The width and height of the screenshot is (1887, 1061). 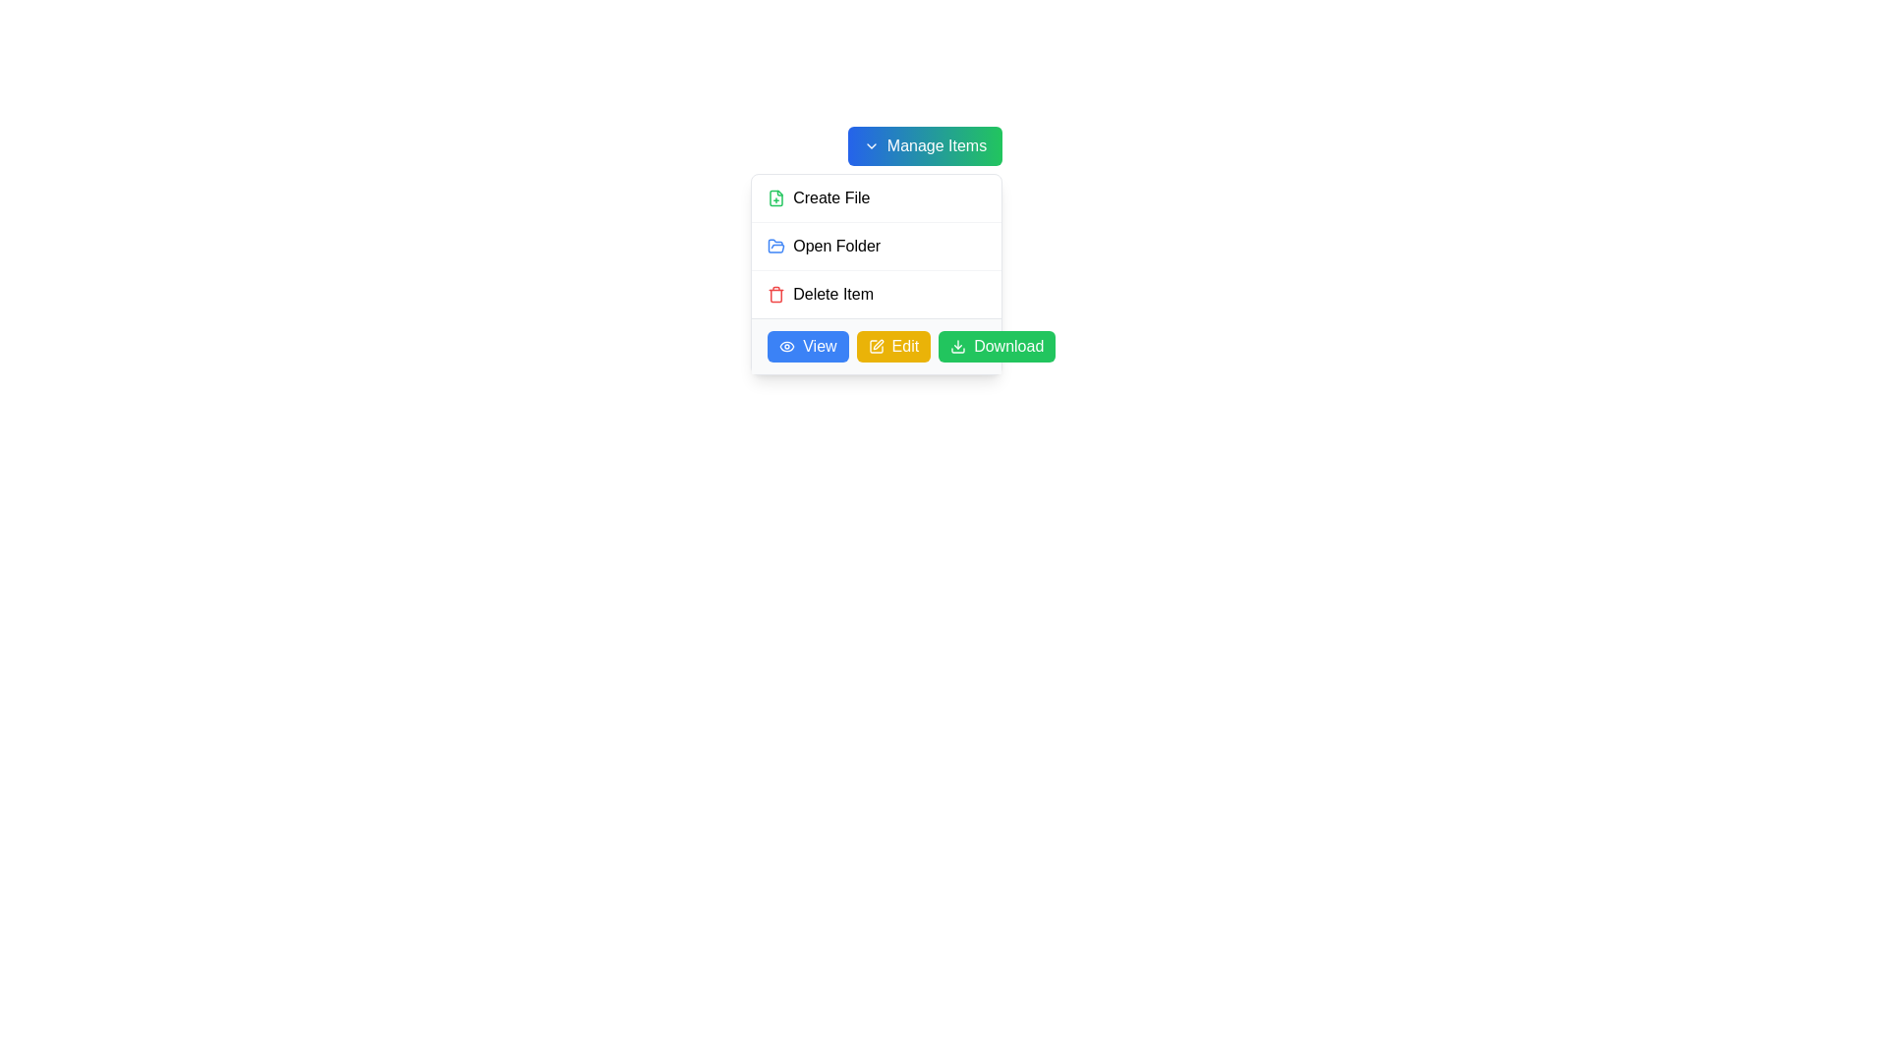 I want to click on the small green icon resembling a file graphic located to the left of the 'Create File' text in the vertical menu, so click(x=775, y=197).